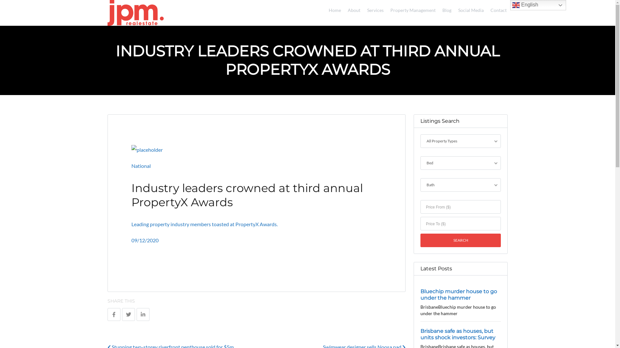  Describe the element at coordinates (496, 9) in the screenshot. I see `'Contact'` at that location.